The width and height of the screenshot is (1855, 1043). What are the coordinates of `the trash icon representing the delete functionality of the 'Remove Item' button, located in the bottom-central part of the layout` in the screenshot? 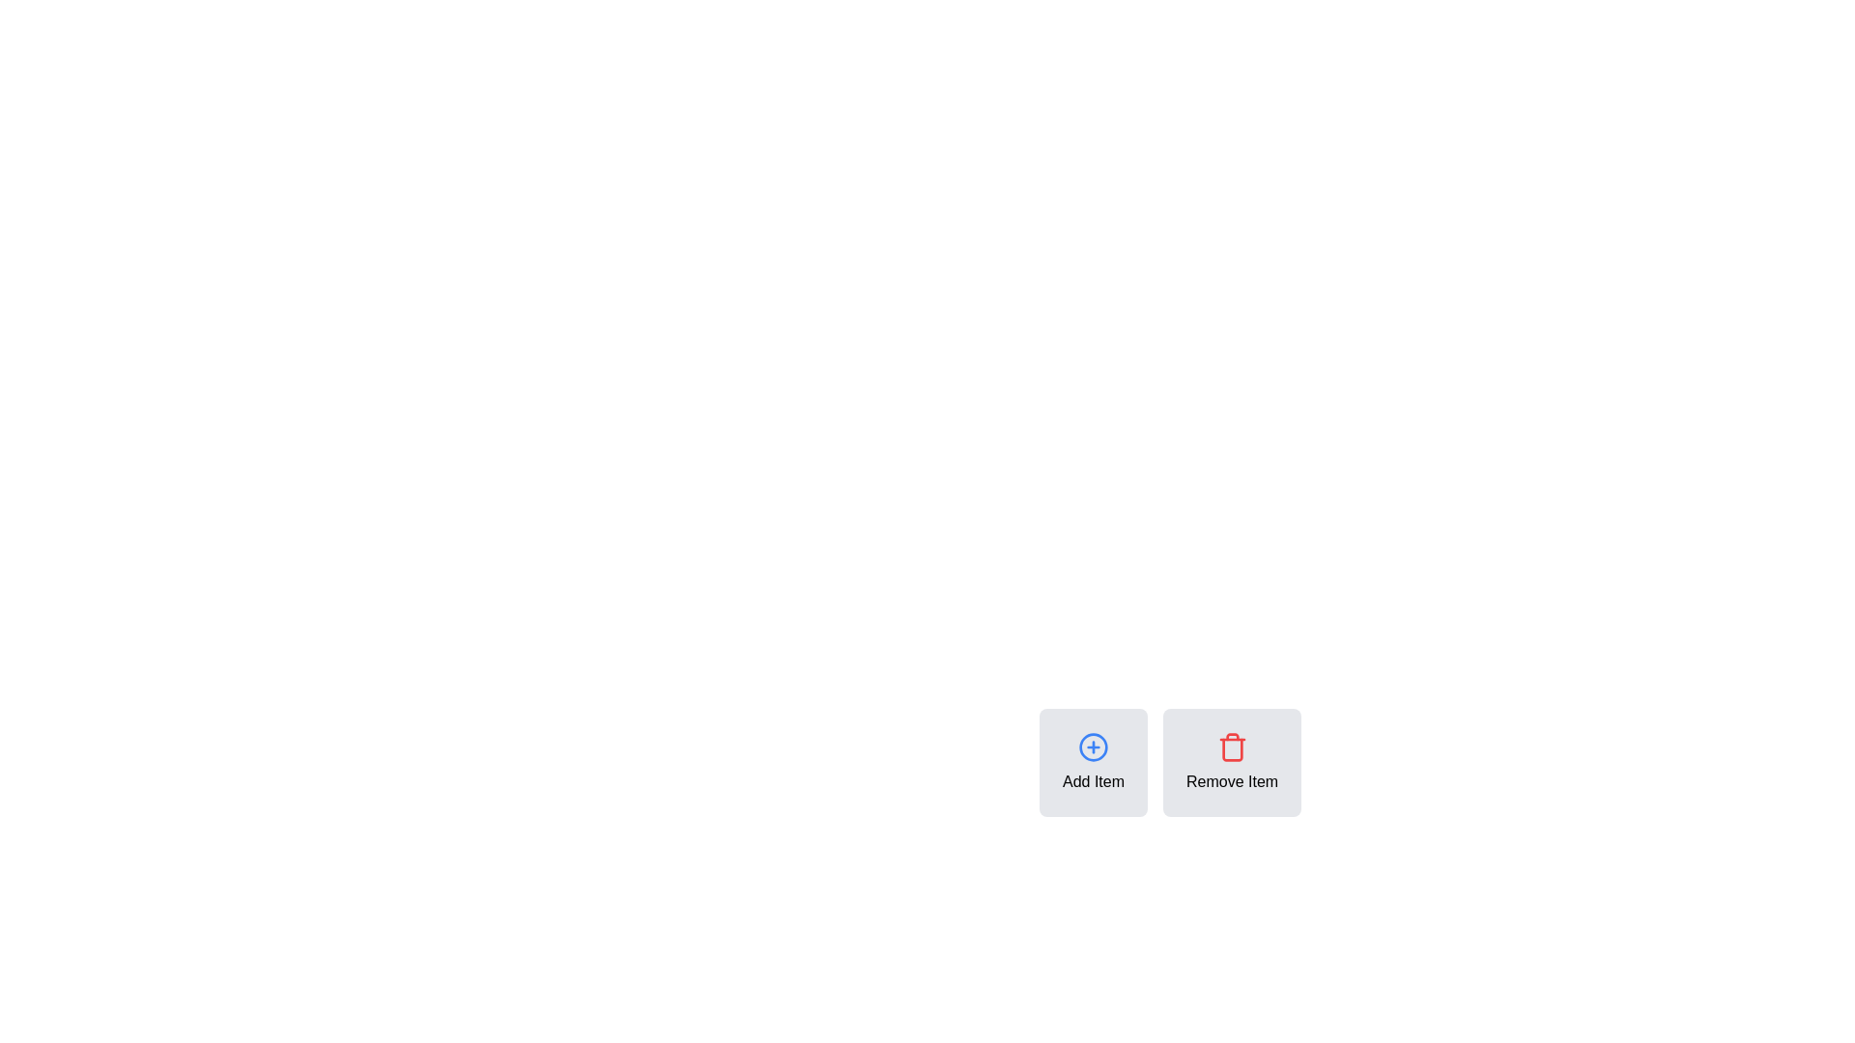 It's located at (1231, 748).